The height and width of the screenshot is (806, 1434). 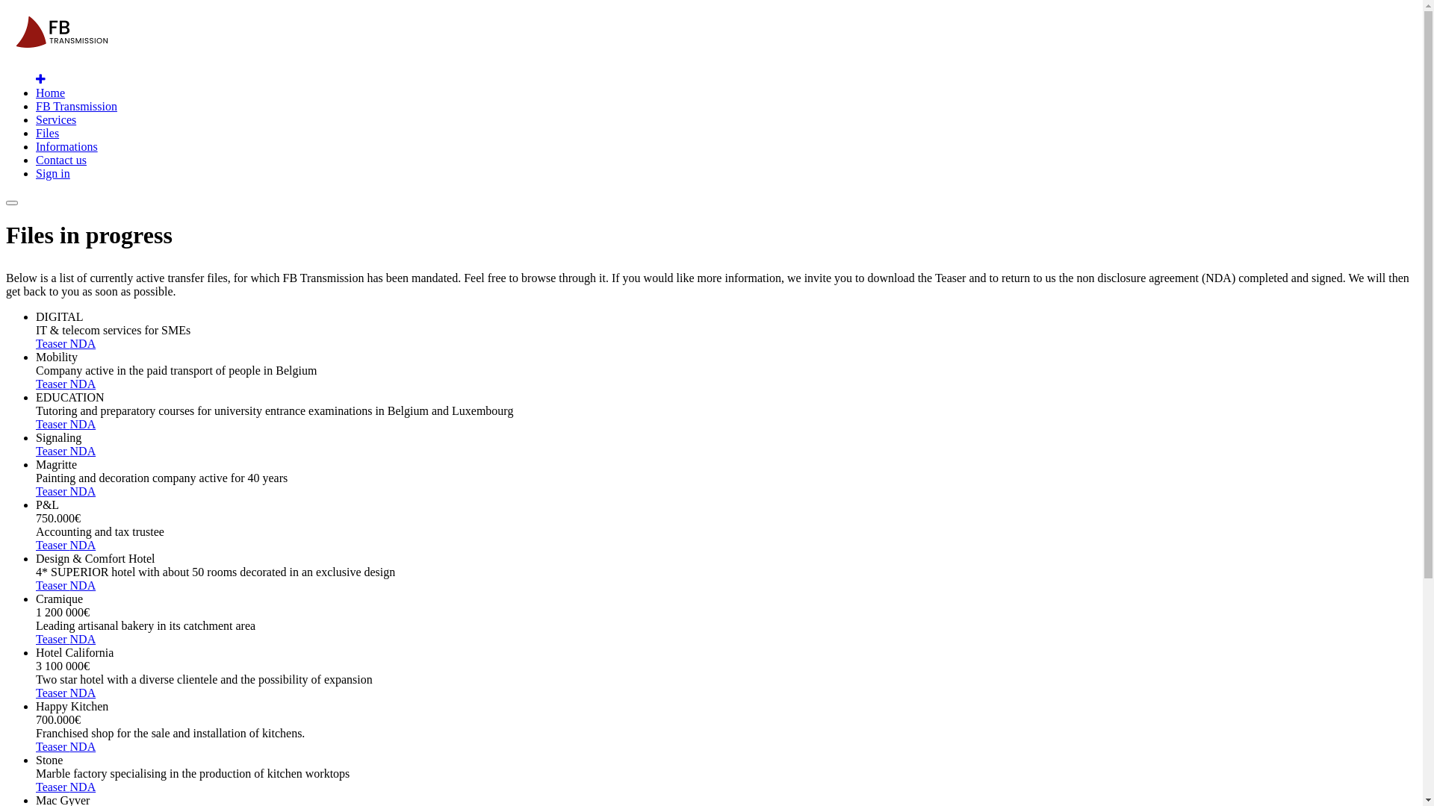 What do you see at coordinates (82, 383) in the screenshot?
I see `'NDA'` at bounding box center [82, 383].